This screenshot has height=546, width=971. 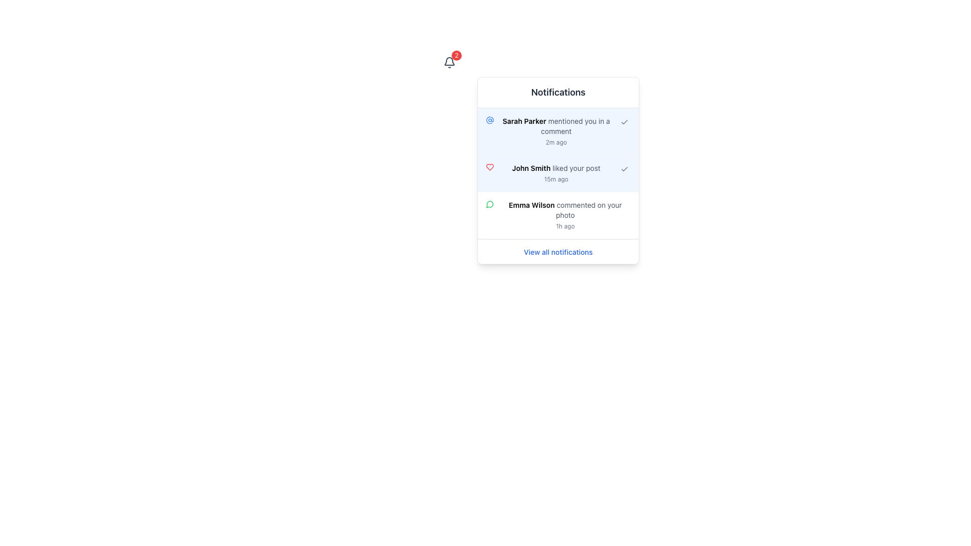 I want to click on the notification text element that reads 'Emma Wilson commented on your photo 1h ago', which is the third entry in the notification list, so click(x=565, y=214).